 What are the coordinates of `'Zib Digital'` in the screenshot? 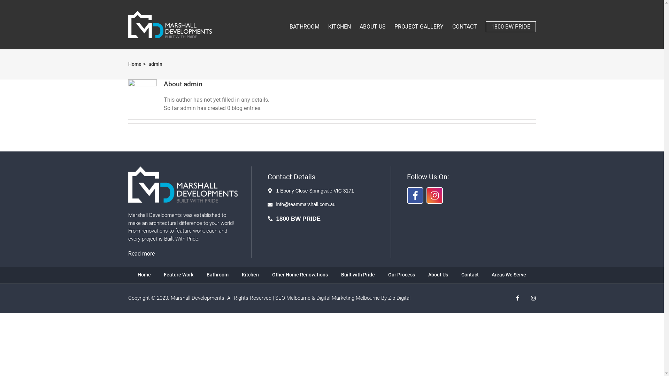 It's located at (387, 298).